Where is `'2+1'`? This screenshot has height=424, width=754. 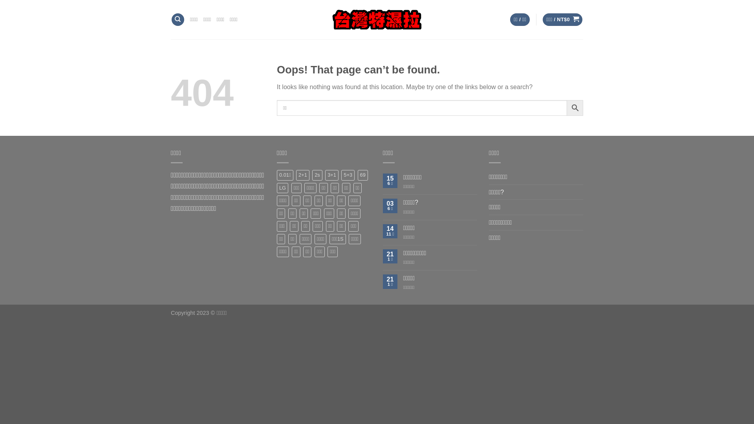
'2+1' is located at coordinates (302, 175).